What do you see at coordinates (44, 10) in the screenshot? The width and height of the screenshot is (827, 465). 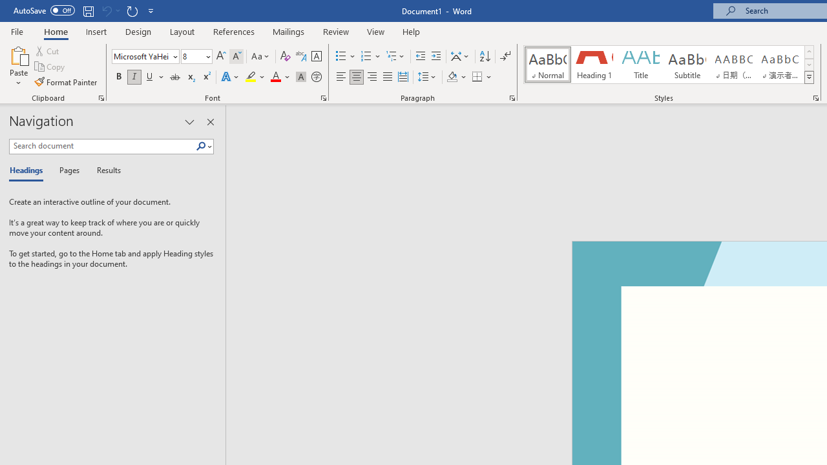 I see `'AutoSave'` at bounding box center [44, 10].